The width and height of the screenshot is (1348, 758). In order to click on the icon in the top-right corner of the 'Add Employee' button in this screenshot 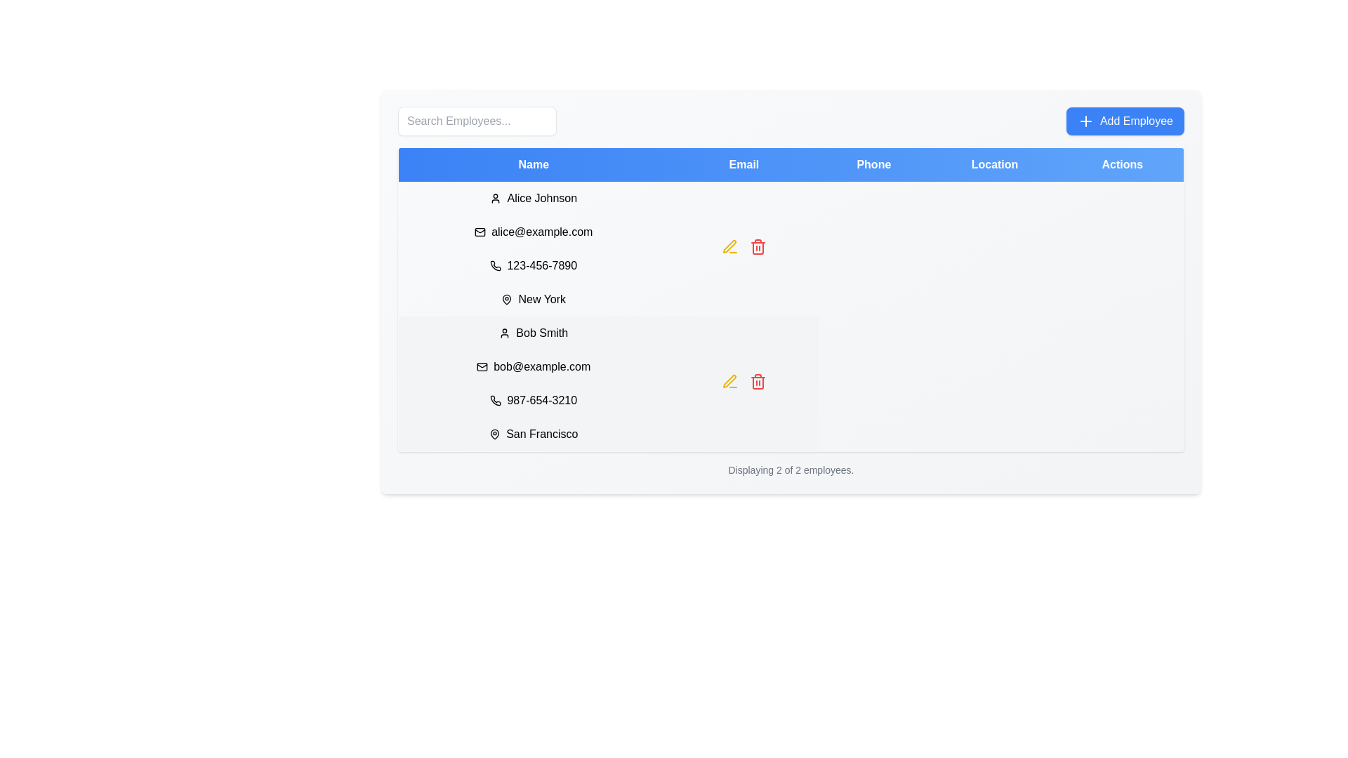, I will do `click(1085, 121)`.